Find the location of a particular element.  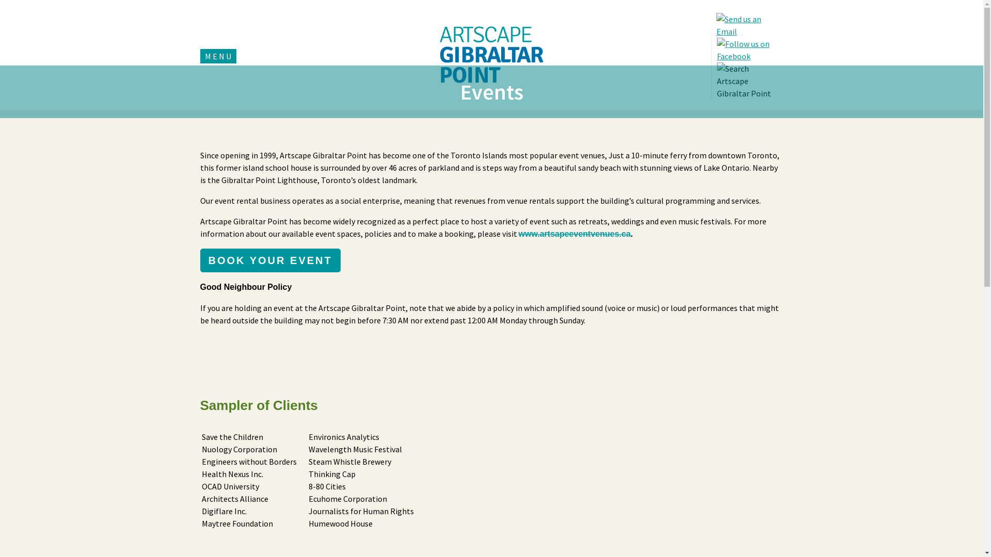

'www.artsapeeventvenues.ca' is located at coordinates (573, 234).